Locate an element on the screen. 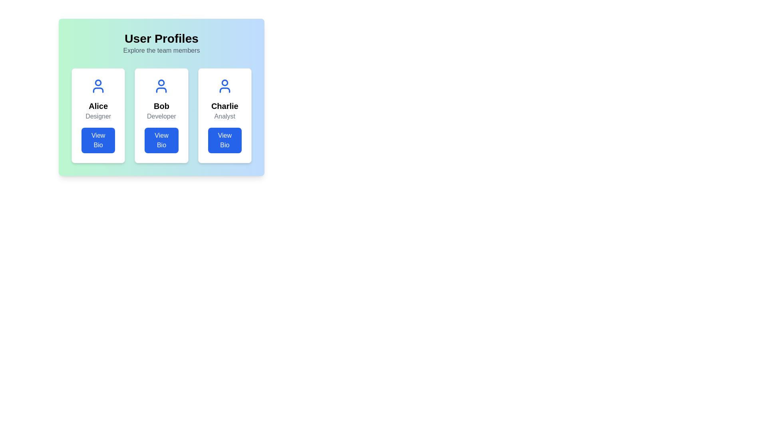 The height and width of the screenshot is (431, 767). the descriptive text label located directly below the 'User Profiles' heading, which provides context about the section containing profiles of team members is located at coordinates (161, 51).